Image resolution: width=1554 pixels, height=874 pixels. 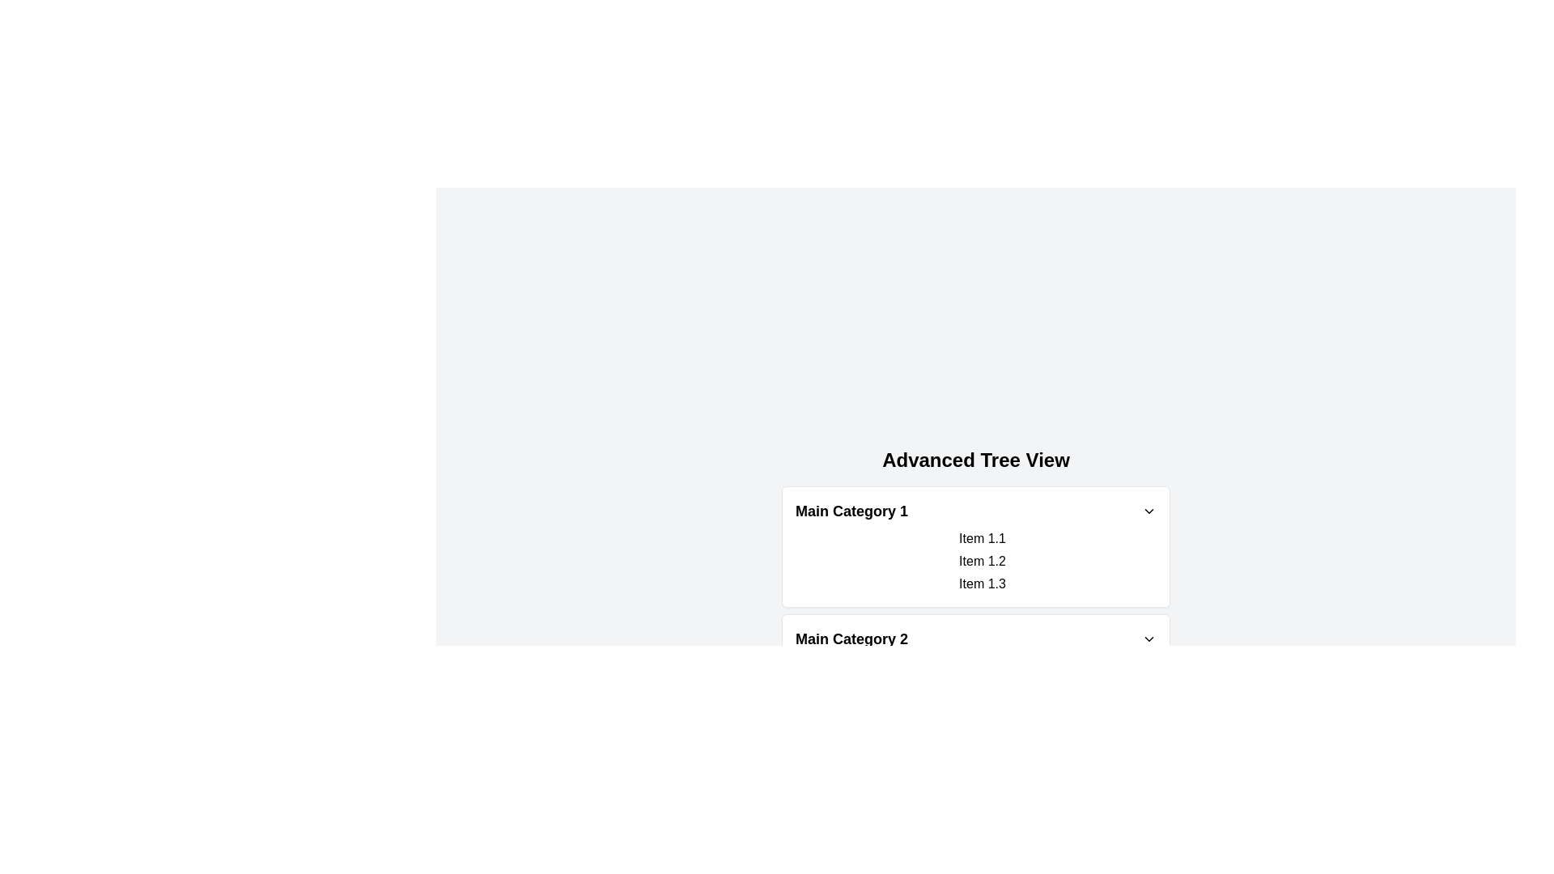 I want to click on the text label 'Item 1.2' which is located in the middle of a list within the 'Main Category 1' dropdown, situated between 'Item 1.1' and 'Item 1.3', so click(x=982, y=561).